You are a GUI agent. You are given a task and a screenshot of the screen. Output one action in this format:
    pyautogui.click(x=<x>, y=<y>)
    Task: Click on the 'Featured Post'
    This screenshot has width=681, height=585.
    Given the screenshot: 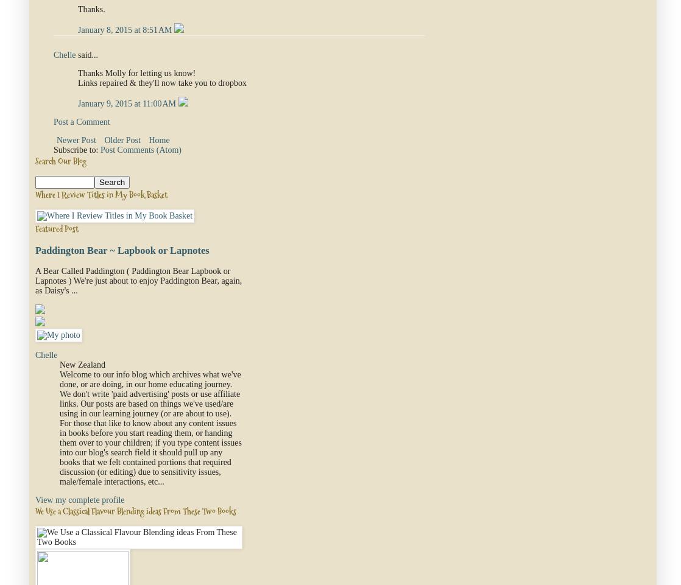 What is the action you would take?
    pyautogui.click(x=35, y=227)
    